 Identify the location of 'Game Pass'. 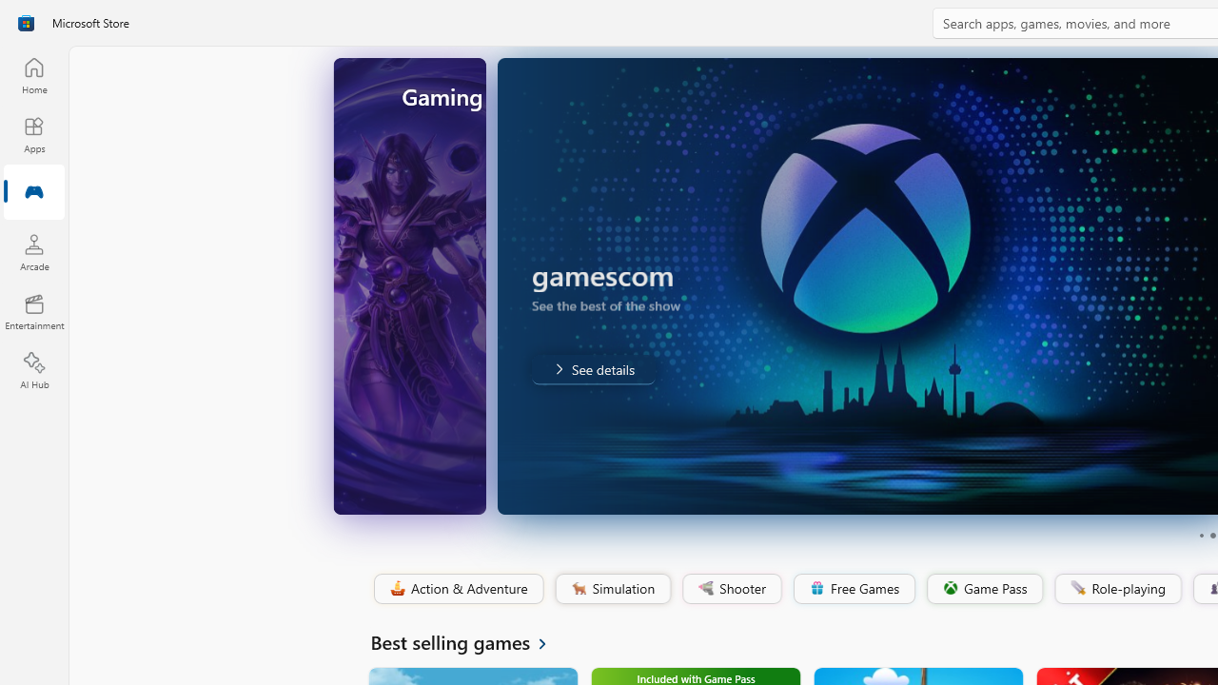
(983, 588).